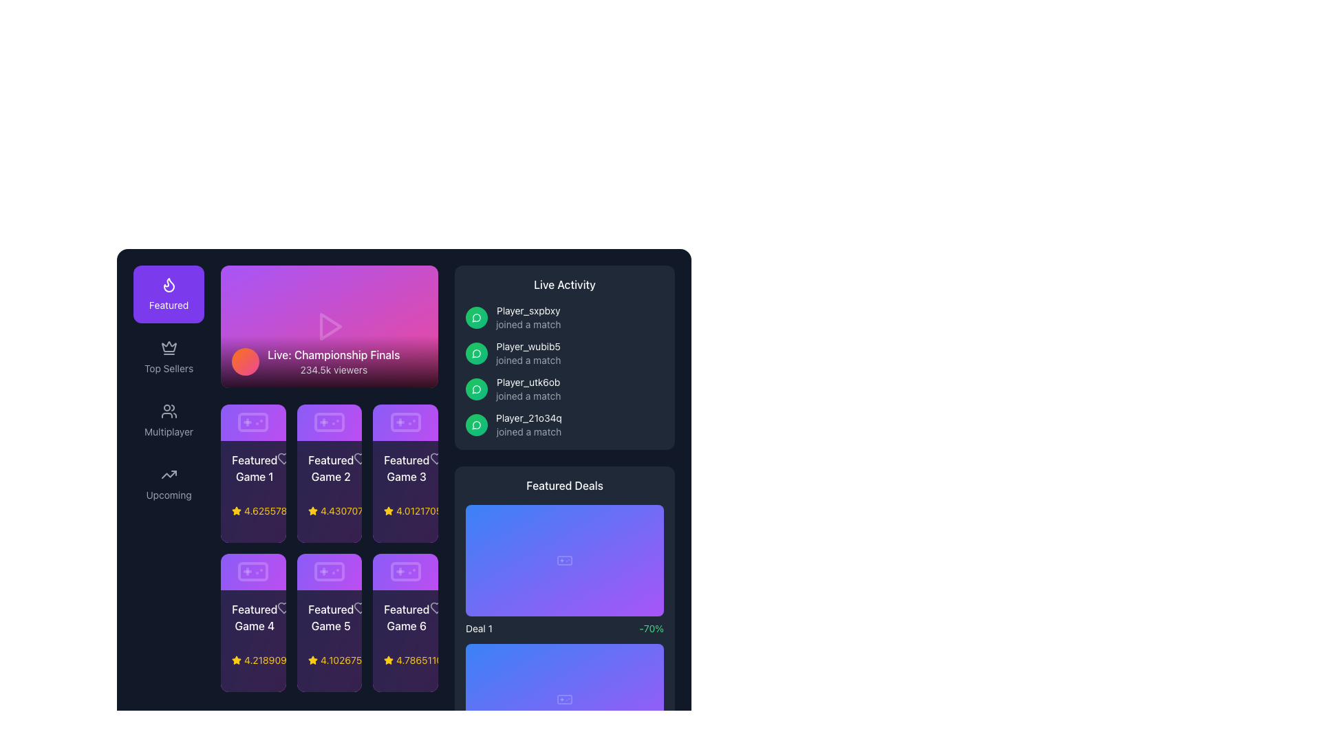 Image resolution: width=1321 pixels, height=743 pixels. Describe the element at coordinates (255, 617) in the screenshot. I see `the text label 'Featured Game 4', which is styled in a medium-sized white font on a purple background, located in the 'Featured Games' section of the grid layout` at that location.